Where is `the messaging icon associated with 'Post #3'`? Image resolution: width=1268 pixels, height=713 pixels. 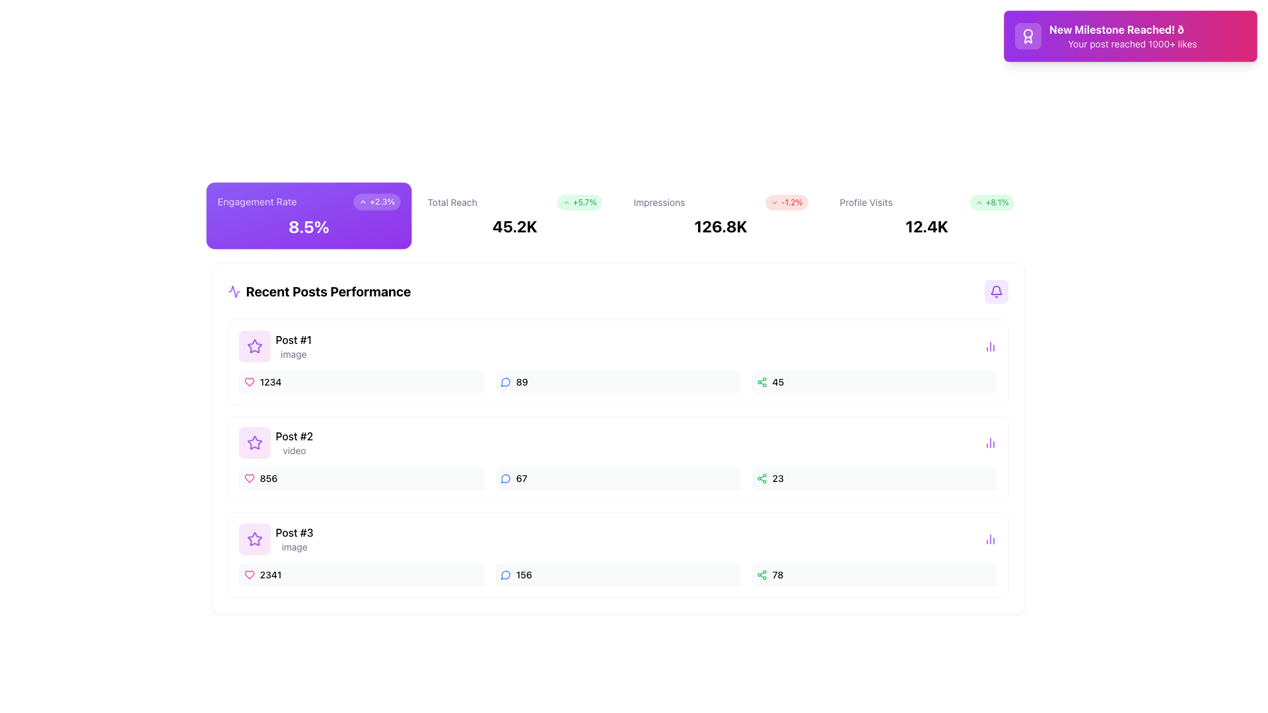
the messaging icon associated with 'Post #3' is located at coordinates (505, 574).